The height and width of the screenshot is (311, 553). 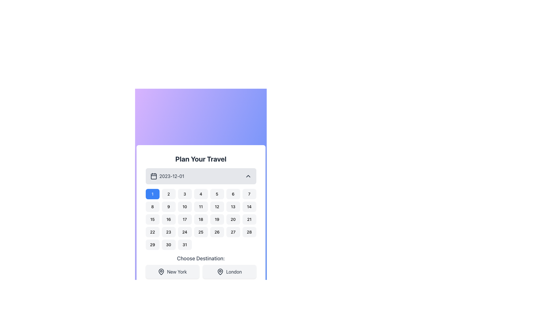 I want to click on the text label that prompts the user to select a destination, positioned below the calendar widget and above the city buttons, so click(x=201, y=258).